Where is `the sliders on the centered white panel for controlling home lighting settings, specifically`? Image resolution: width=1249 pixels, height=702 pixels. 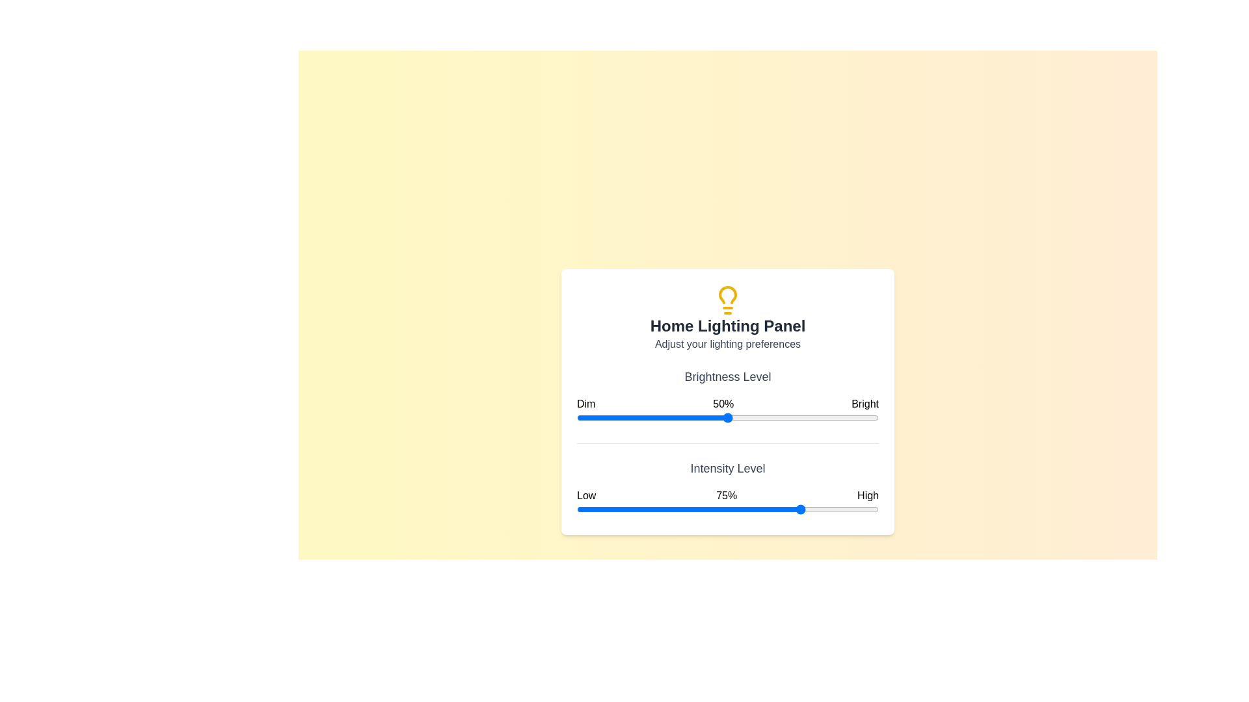
the sliders on the centered white panel for controlling home lighting settings, specifically is located at coordinates (727, 400).